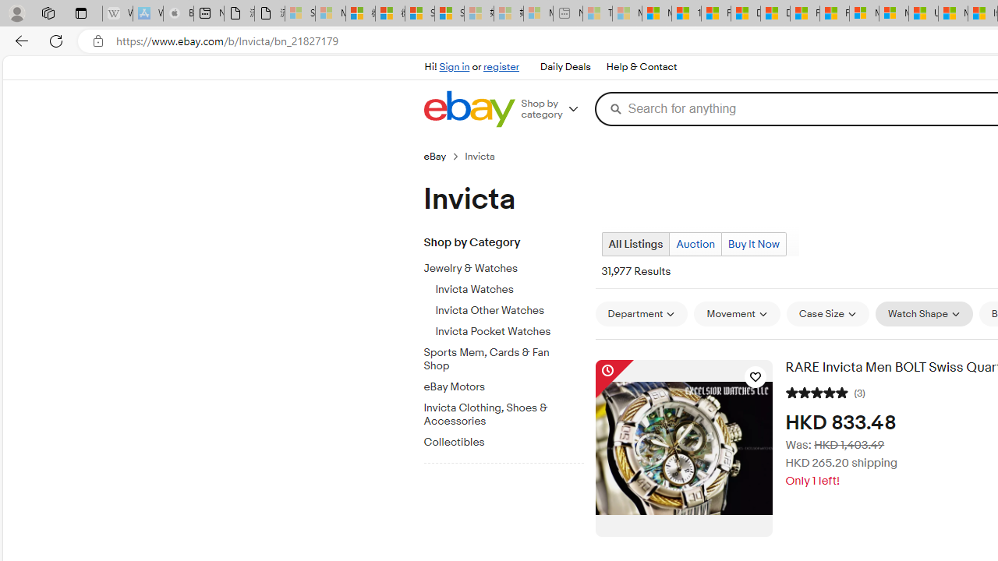  What do you see at coordinates (564, 66) in the screenshot?
I see `'Daily Deals'` at bounding box center [564, 66].